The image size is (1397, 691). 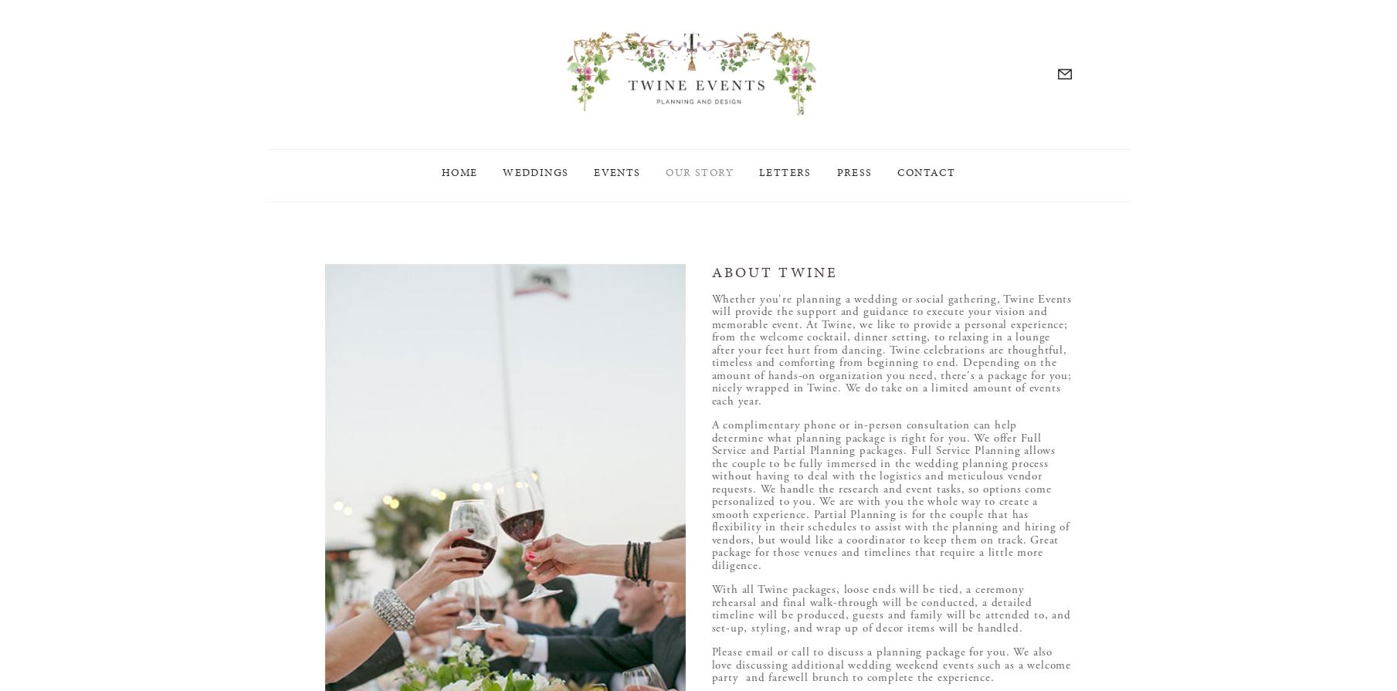 I want to click on 'email@address.com', so click(x=754, y=202).